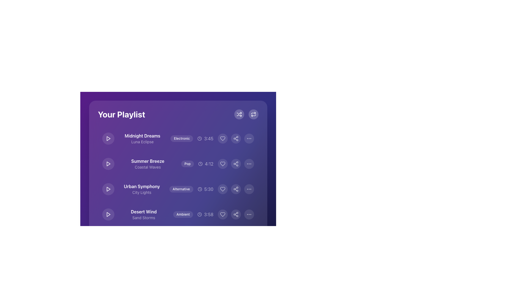 The height and width of the screenshot is (297, 528). I want to click on the share icon, represented by a set of connected circular nodes forming a network graph, located in the 'Desert Wind' row to change its visual style, so click(236, 214).